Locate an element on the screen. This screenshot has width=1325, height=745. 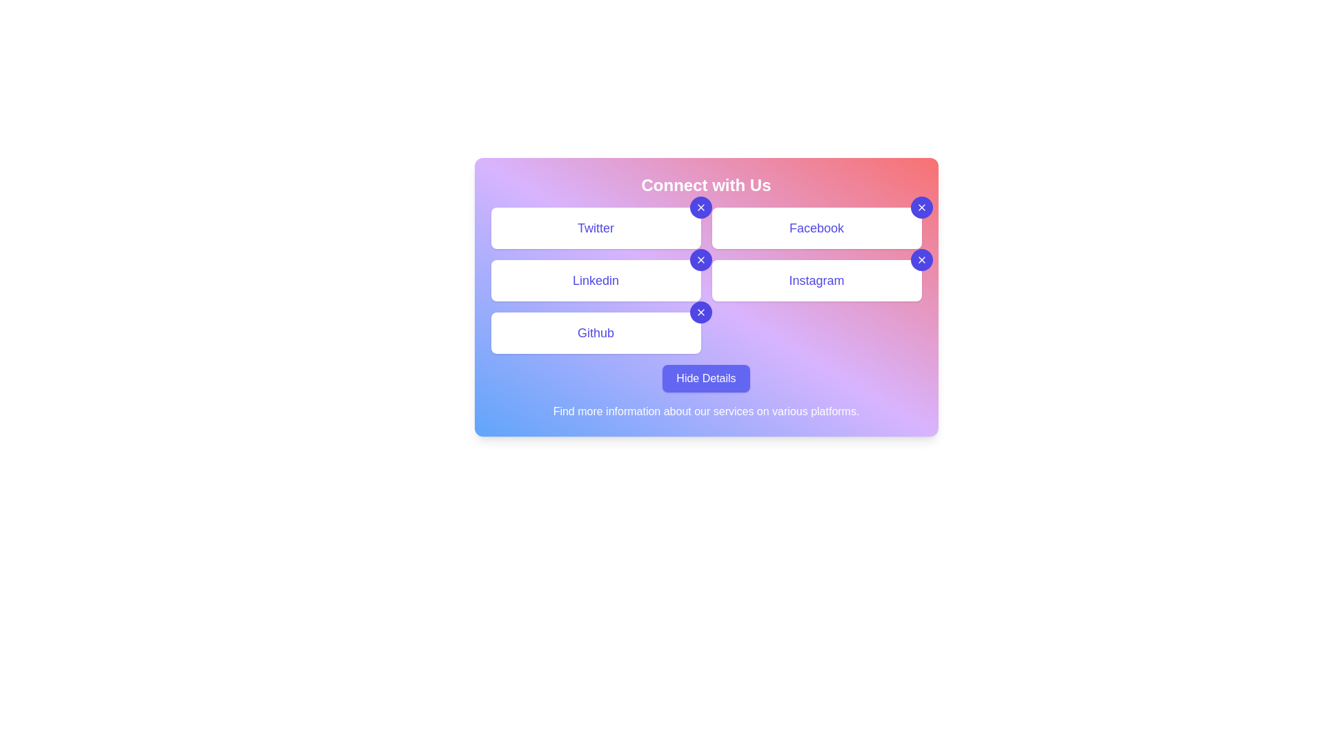
the 'Linkedin' text label displayed on the interactive card located in the second row and second column of the grid layout is located at coordinates (596, 280).